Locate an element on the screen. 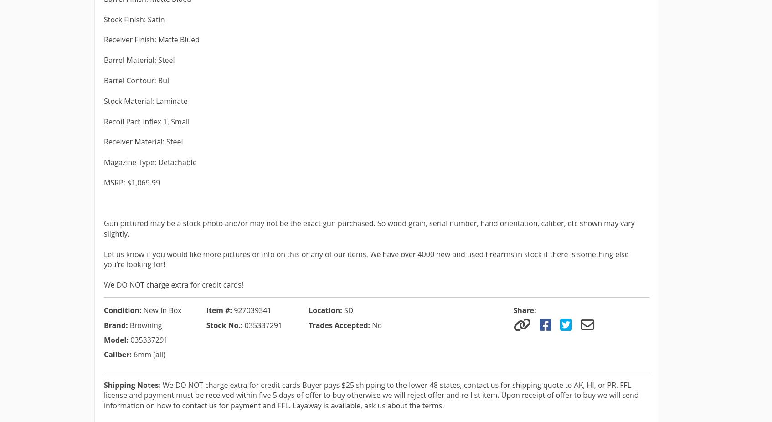 Image resolution: width=772 pixels, height=422 pixels. 'Gun pictured may be a stock photo and/or may not be the exact gun purchased. So wood grain, serial number, hand orientation, caliber, etc shown may vary slightly.' is located at coordinates (369, 227).